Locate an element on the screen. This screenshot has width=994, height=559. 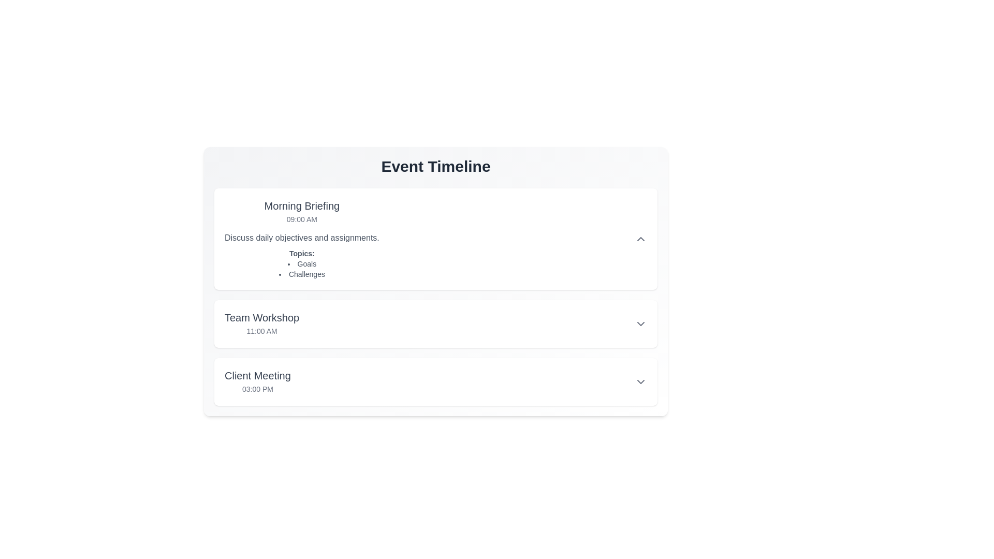
the Interactive Icon at the far right end of the 'Client Meeting' row is located at coordinates (640, 381).